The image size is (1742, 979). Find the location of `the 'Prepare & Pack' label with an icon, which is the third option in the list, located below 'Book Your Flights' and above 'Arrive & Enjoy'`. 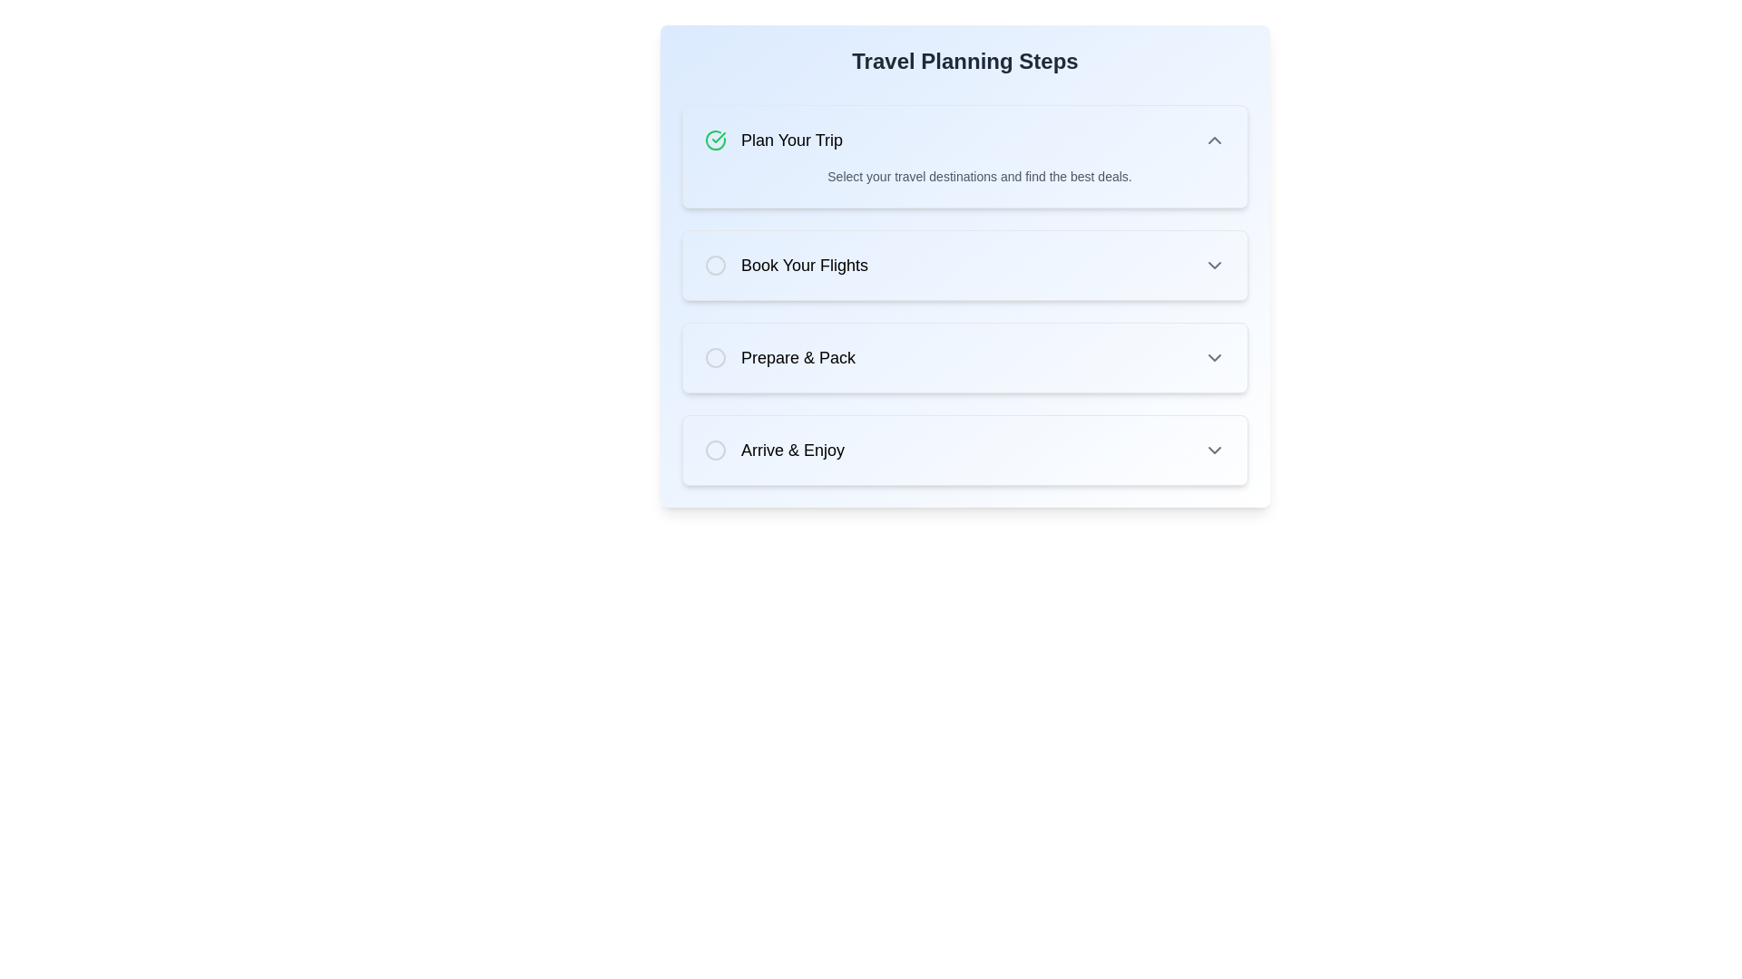

the 'Prepare & Pack' label with an icon, which is the third option in the list, located below 'Book Your Flights' and above 'Arrive & Enjoy' is located at coordinates (779, 357).